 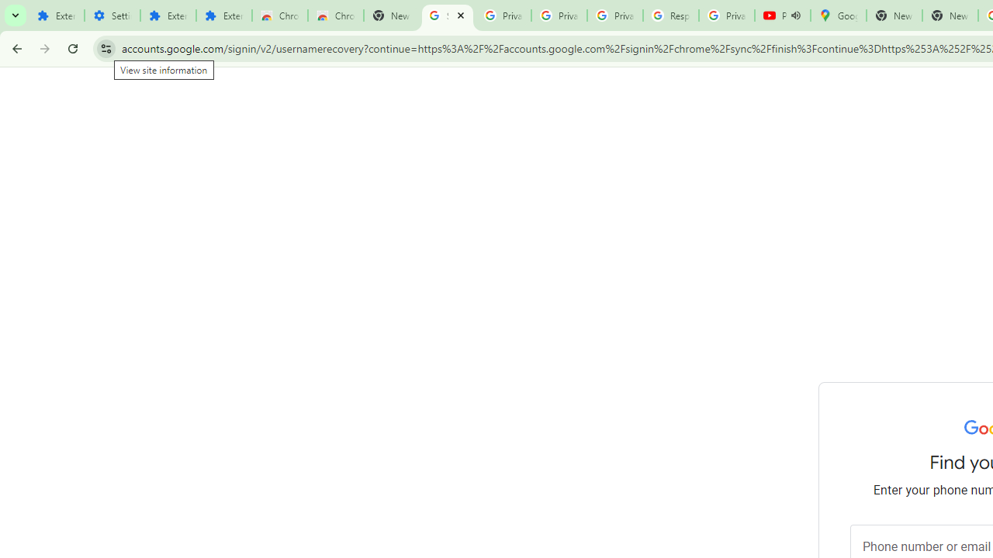 I want to click on 'Extensions', so click(x=223, y=15).